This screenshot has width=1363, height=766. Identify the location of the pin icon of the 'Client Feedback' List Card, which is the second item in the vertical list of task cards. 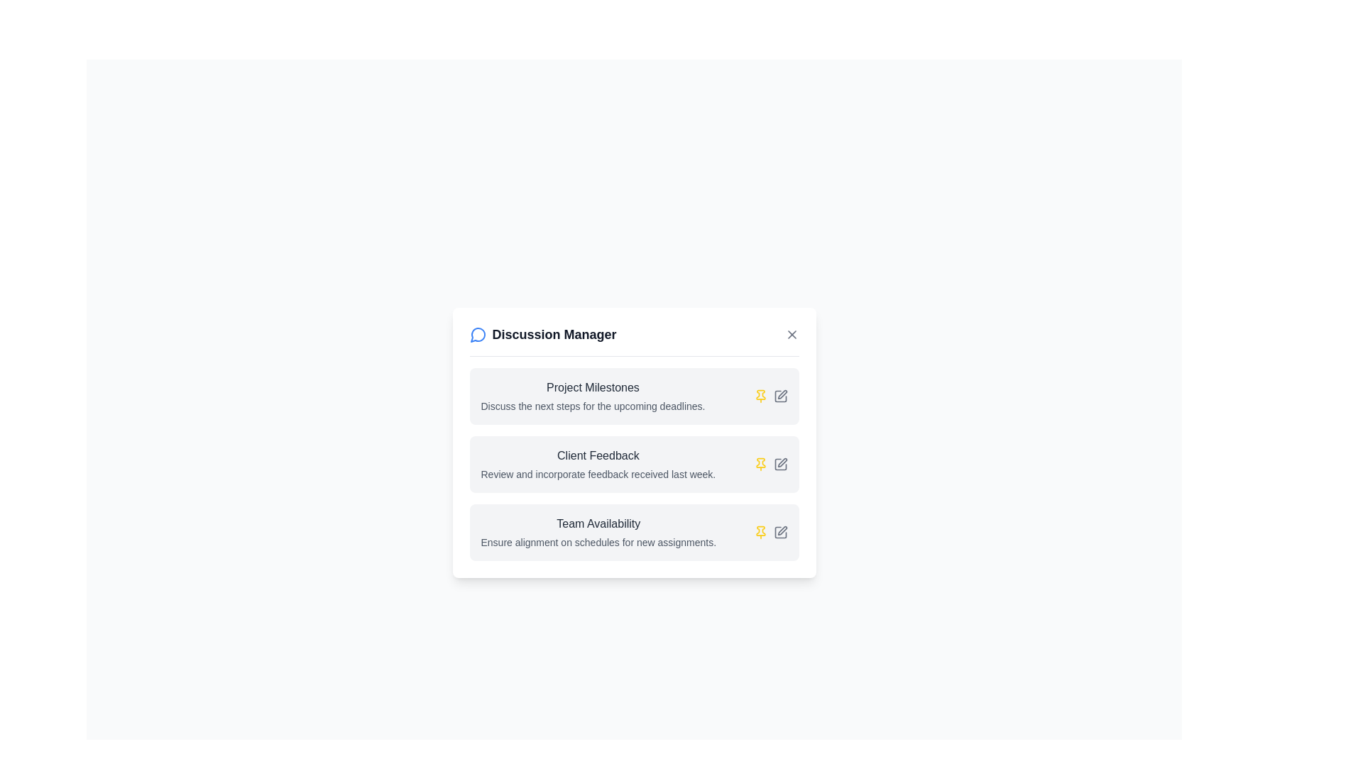
(633, 464).